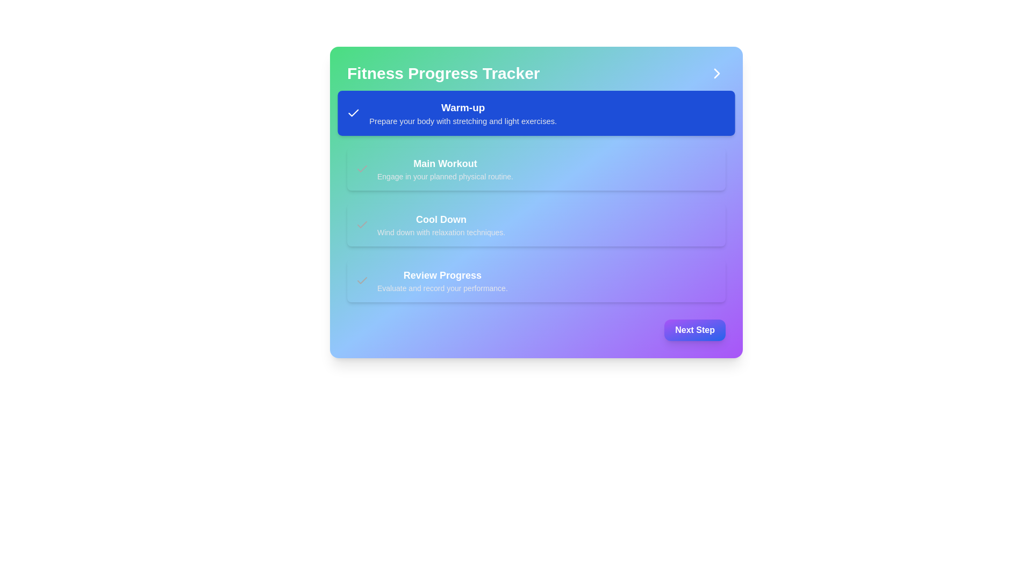  I want to click on the icon-based button located at the top-right corner of the 'Fitness Progress Tracker' content area, so click(717, 73).